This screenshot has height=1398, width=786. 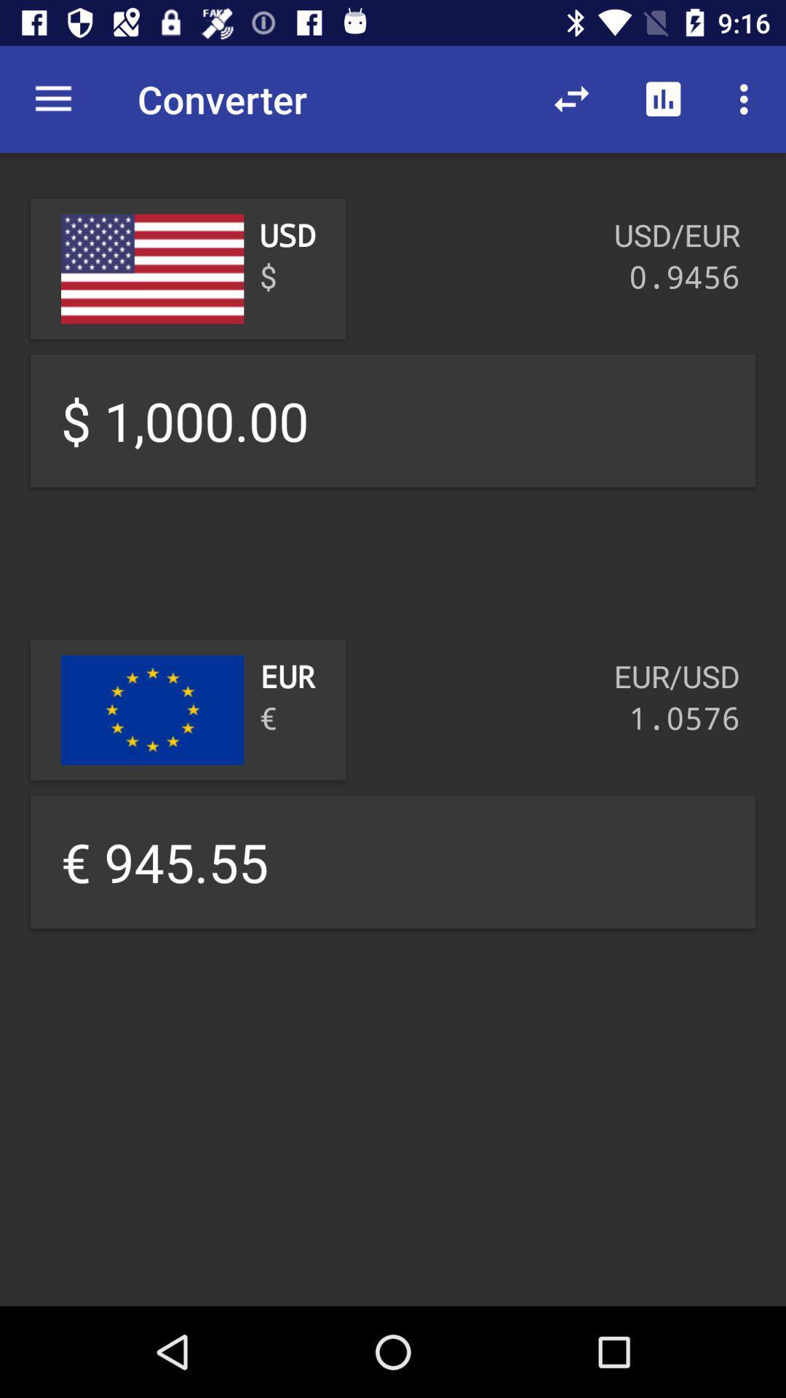 What do you see at coordinates (571, 99) in the screenshot?
I see `the icon next to converter` at bounding box center [571, 99].